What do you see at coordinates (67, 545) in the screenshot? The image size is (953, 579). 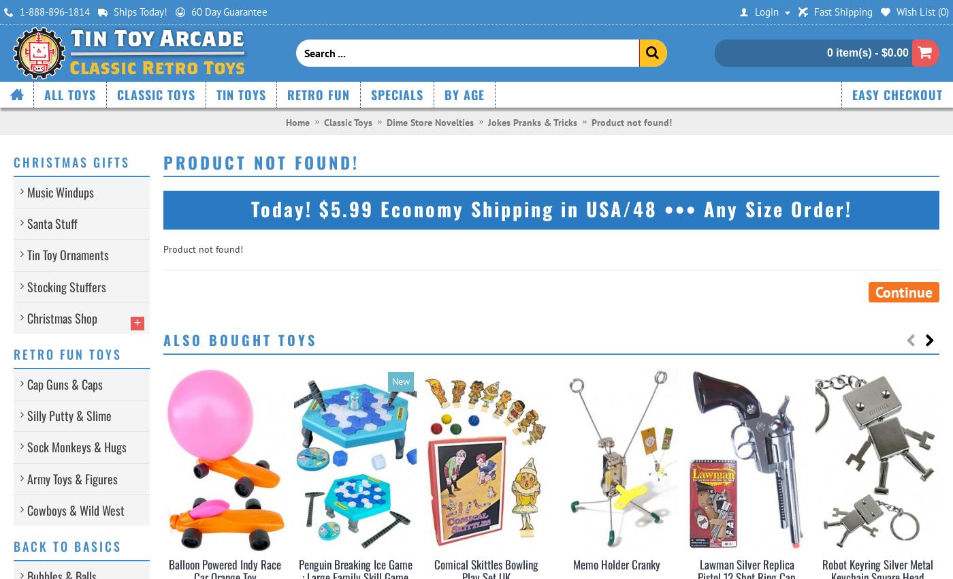 I see `'Back to Basics'` at bounding box center [67, 545].